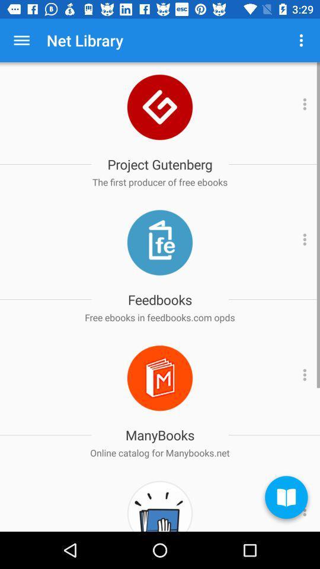 Image resolution: width=320 pixels, height=569 pixels. What do you see at coordinates (160, 452) in the screenshot?
I see `the online catalog for icon` at bounding box center [160, 452].